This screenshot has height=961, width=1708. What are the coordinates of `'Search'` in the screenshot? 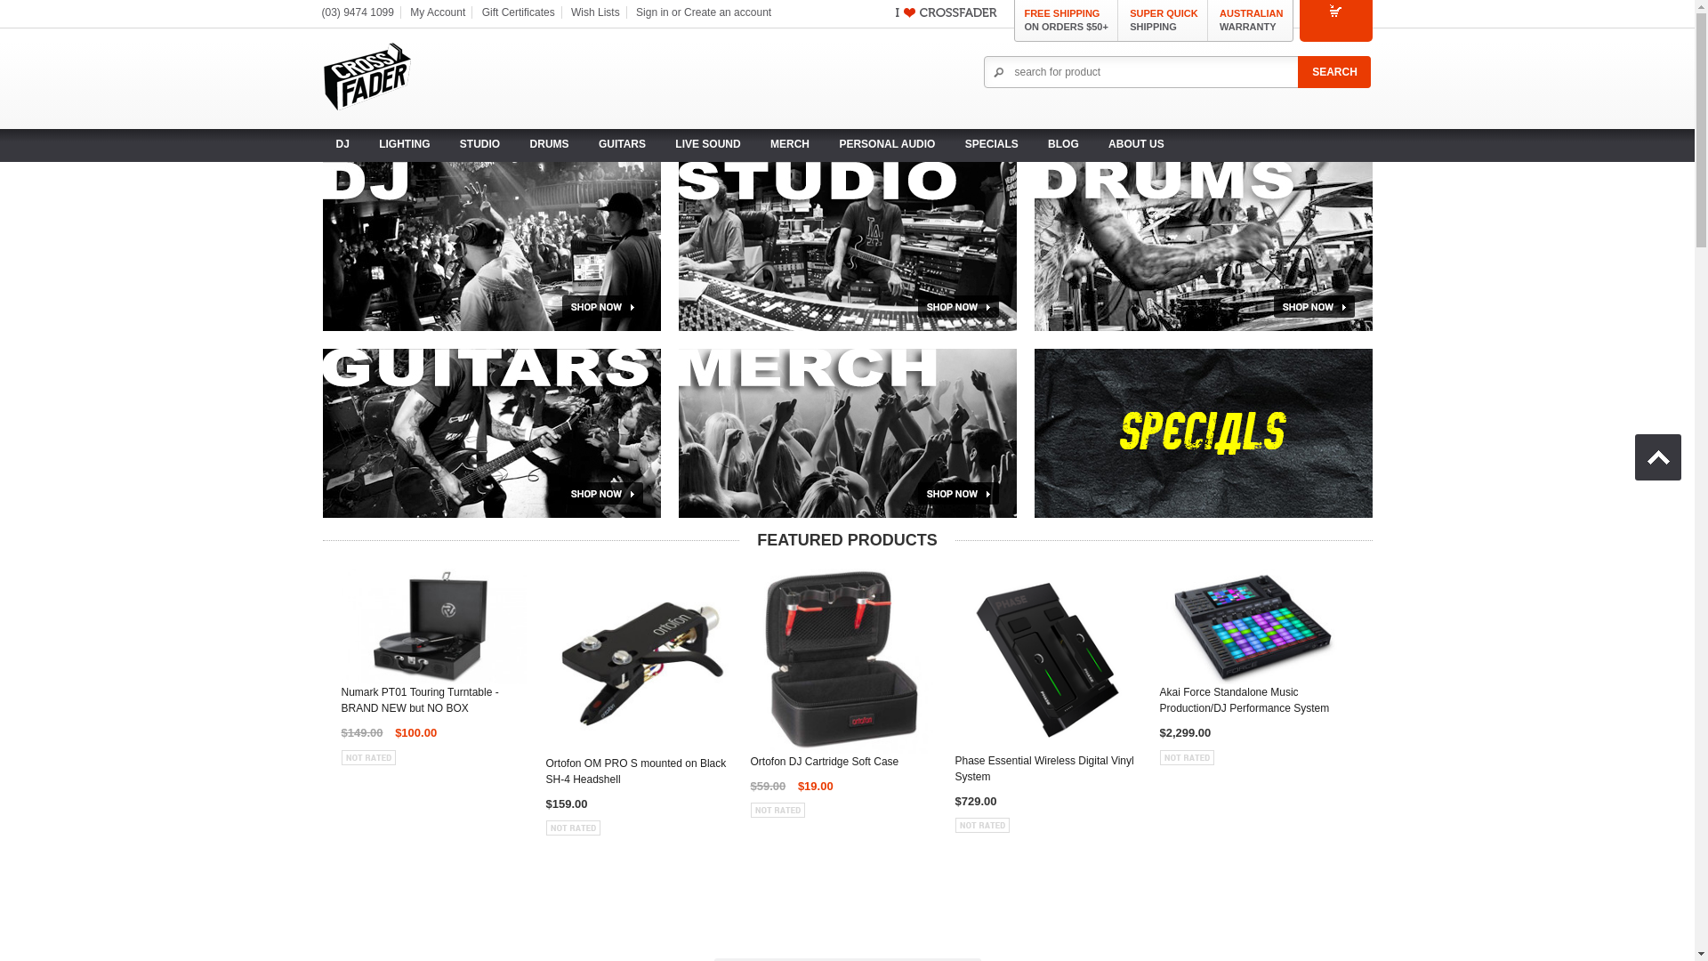 It's located at (1333, 71).